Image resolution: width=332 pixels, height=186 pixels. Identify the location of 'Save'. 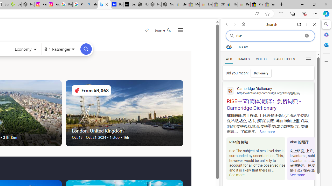
(146, 30).